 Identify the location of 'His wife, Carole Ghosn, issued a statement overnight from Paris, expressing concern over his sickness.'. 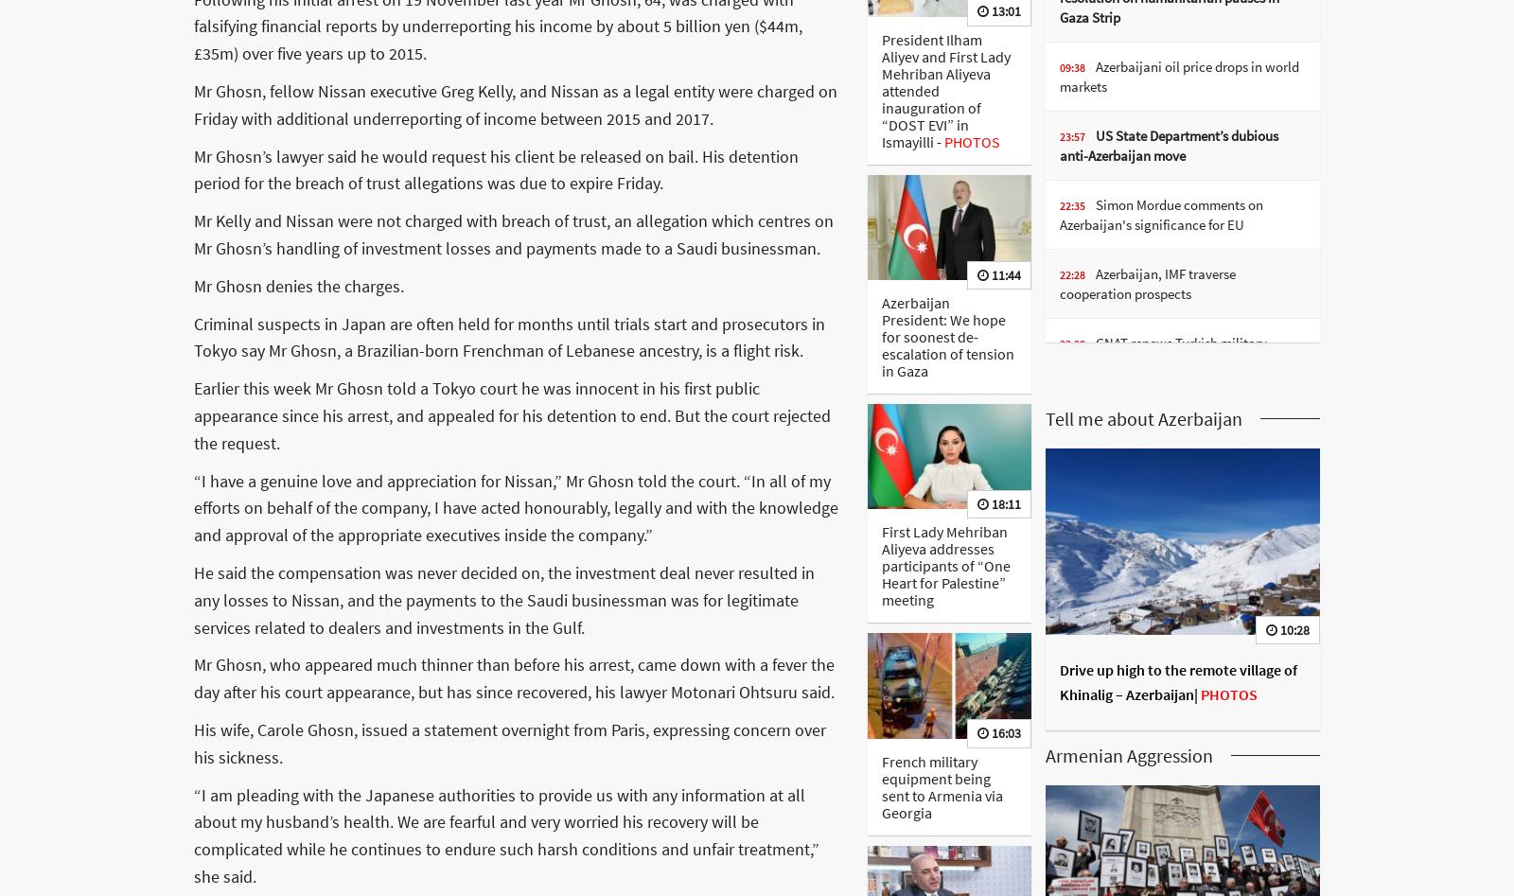
(509, 742).